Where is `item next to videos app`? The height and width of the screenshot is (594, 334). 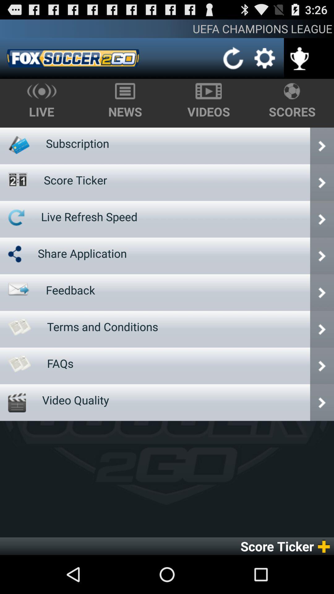 item next to videos app is located at coordinates (77, 143).